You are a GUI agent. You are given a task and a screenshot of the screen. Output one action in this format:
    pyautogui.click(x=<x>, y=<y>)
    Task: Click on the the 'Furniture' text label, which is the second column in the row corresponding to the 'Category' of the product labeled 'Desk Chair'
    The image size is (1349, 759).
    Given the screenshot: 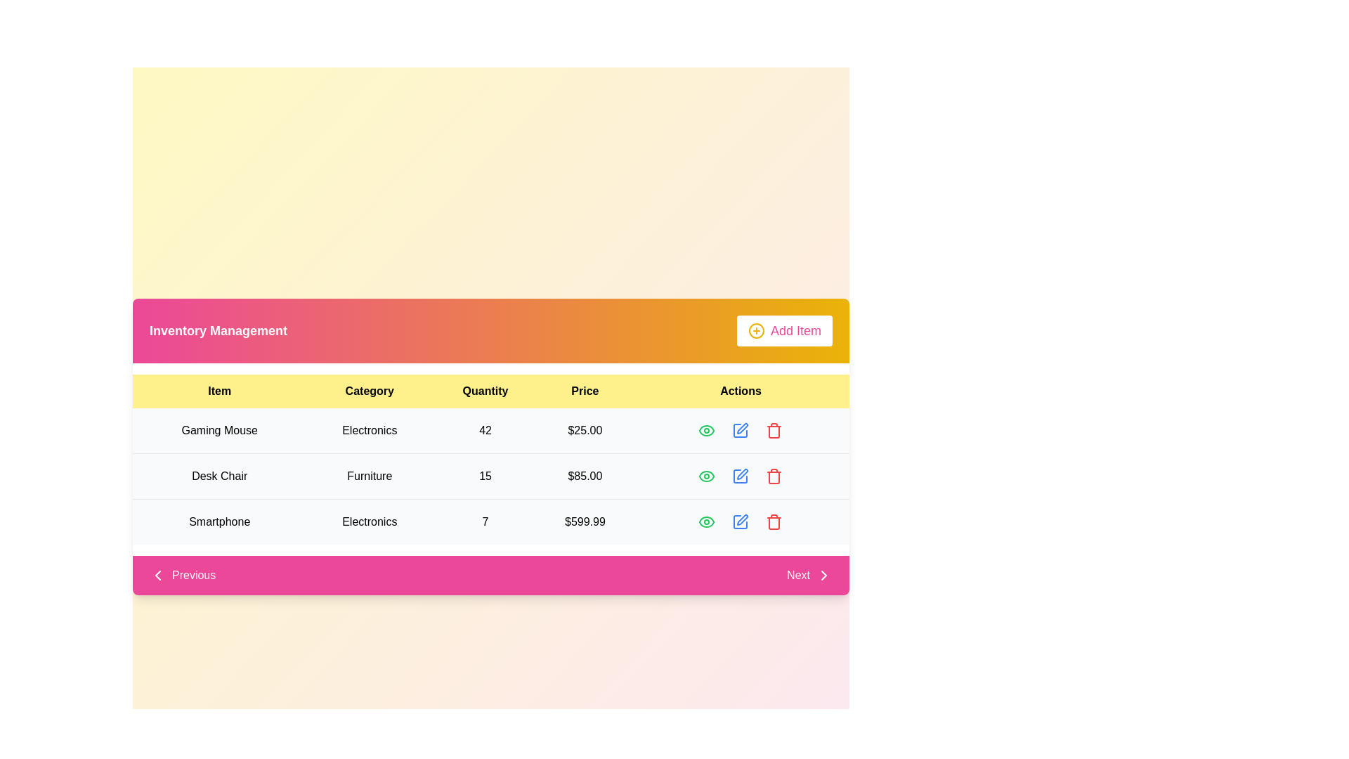 What is the action you would take?
    pyautogui.click(x=370, y=476)
    